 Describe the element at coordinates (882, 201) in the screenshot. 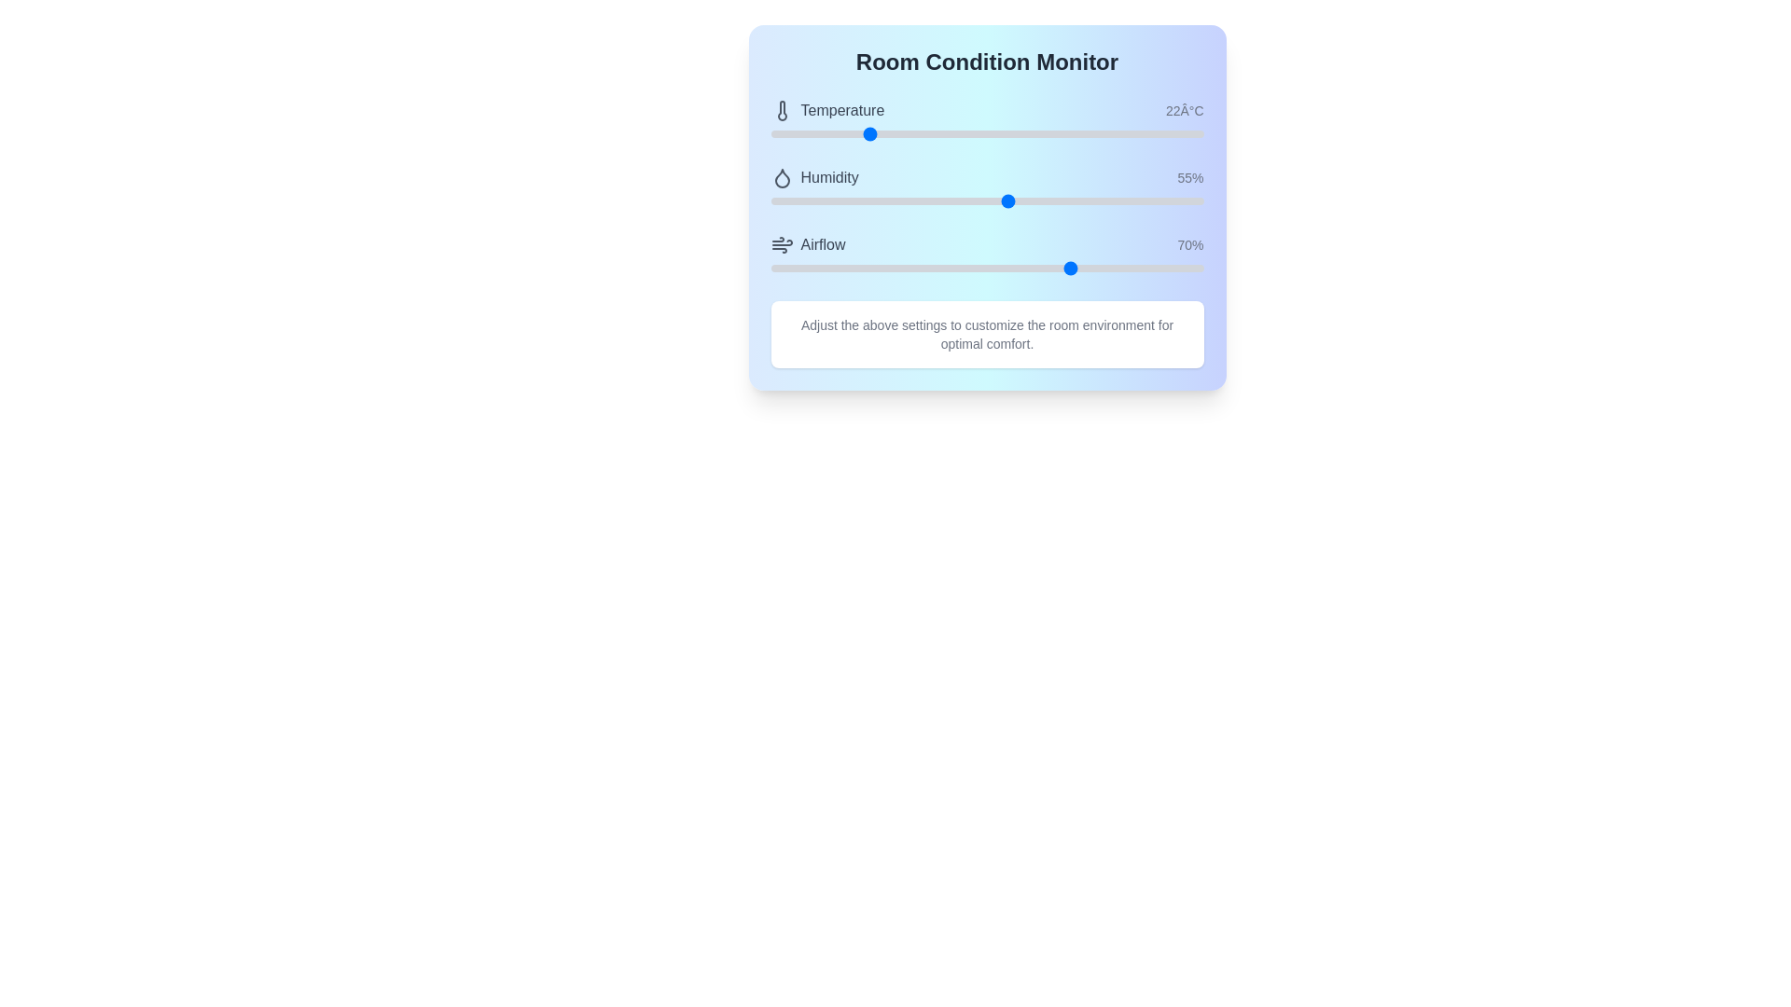

I see `the humidity level` at that location.